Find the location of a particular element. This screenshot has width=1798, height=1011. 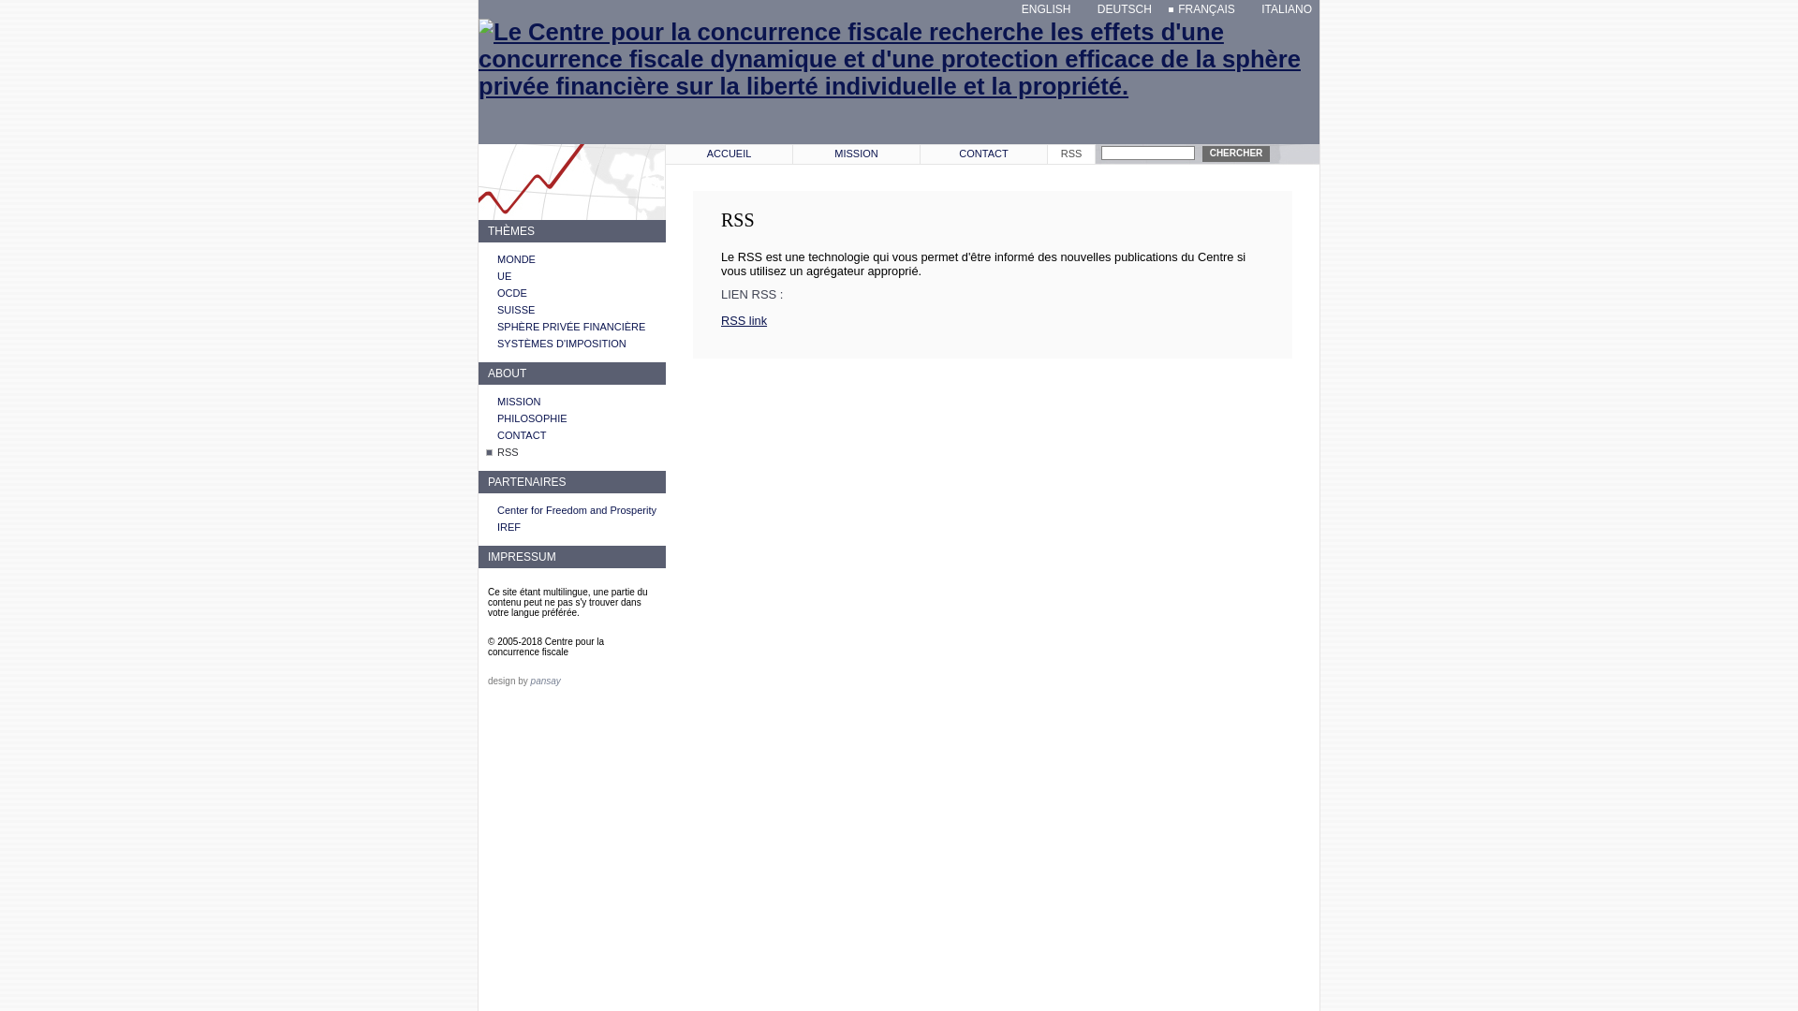

'PHILOSOPHIE' is located at coordinates (497, 418).